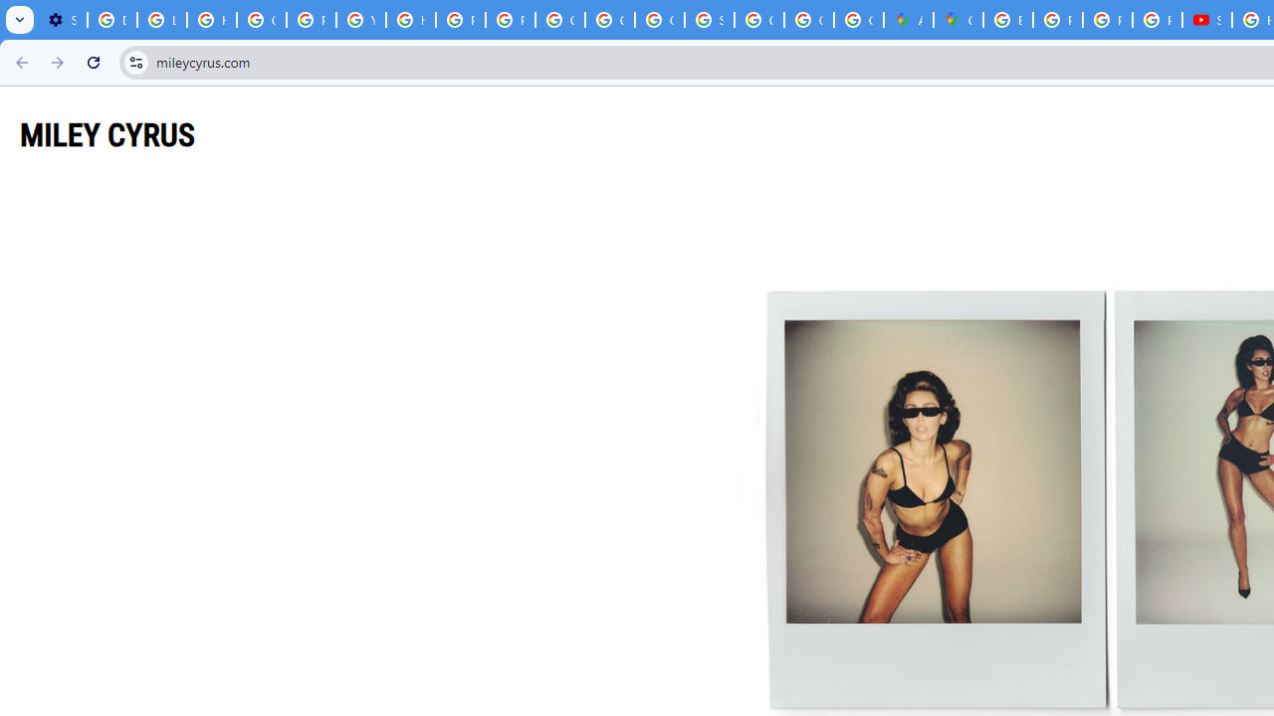 This screenshot has height=716, width=1274. I want to click on 'Google Maps', so click(958, 20).